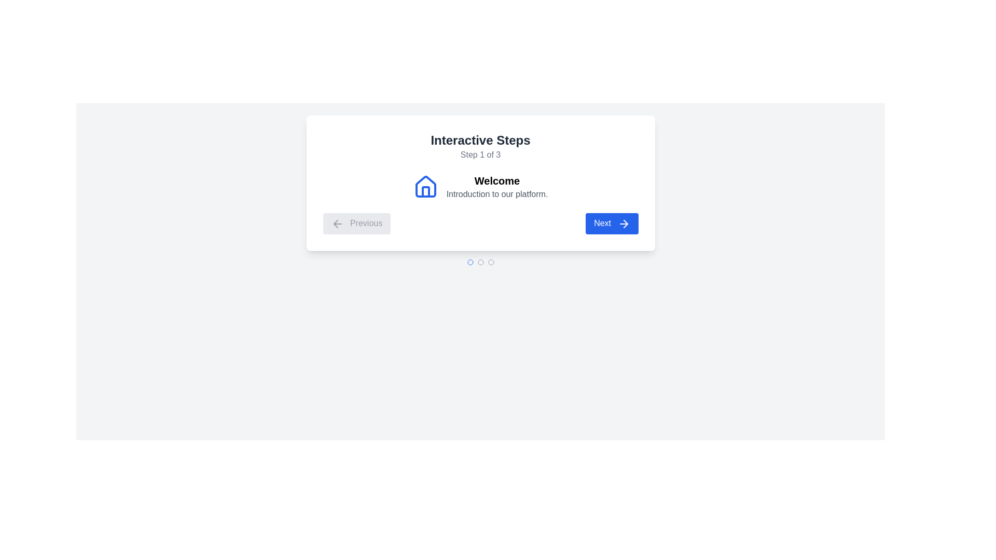  What do you see at coordinates (480, 261) in the screenshot?
I see `the second circular icon in a horizontal group of three that serves as an indicator or navigation control` at bounding box center [480, 261].